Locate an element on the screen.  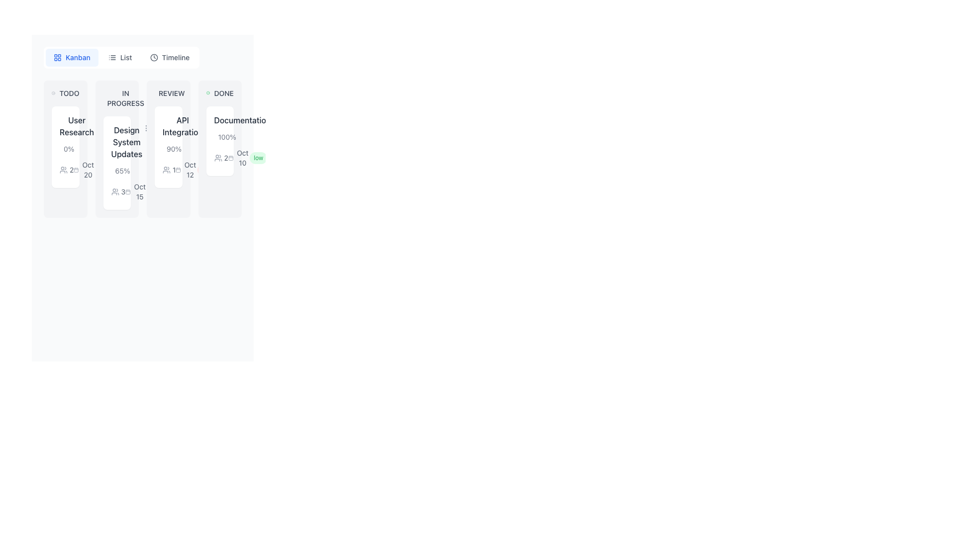
the Progress indicator displaying '90%' in the task card titled 'API Integration' under the 'Review' column of the Kanban board is located at coordinates (168, 149).